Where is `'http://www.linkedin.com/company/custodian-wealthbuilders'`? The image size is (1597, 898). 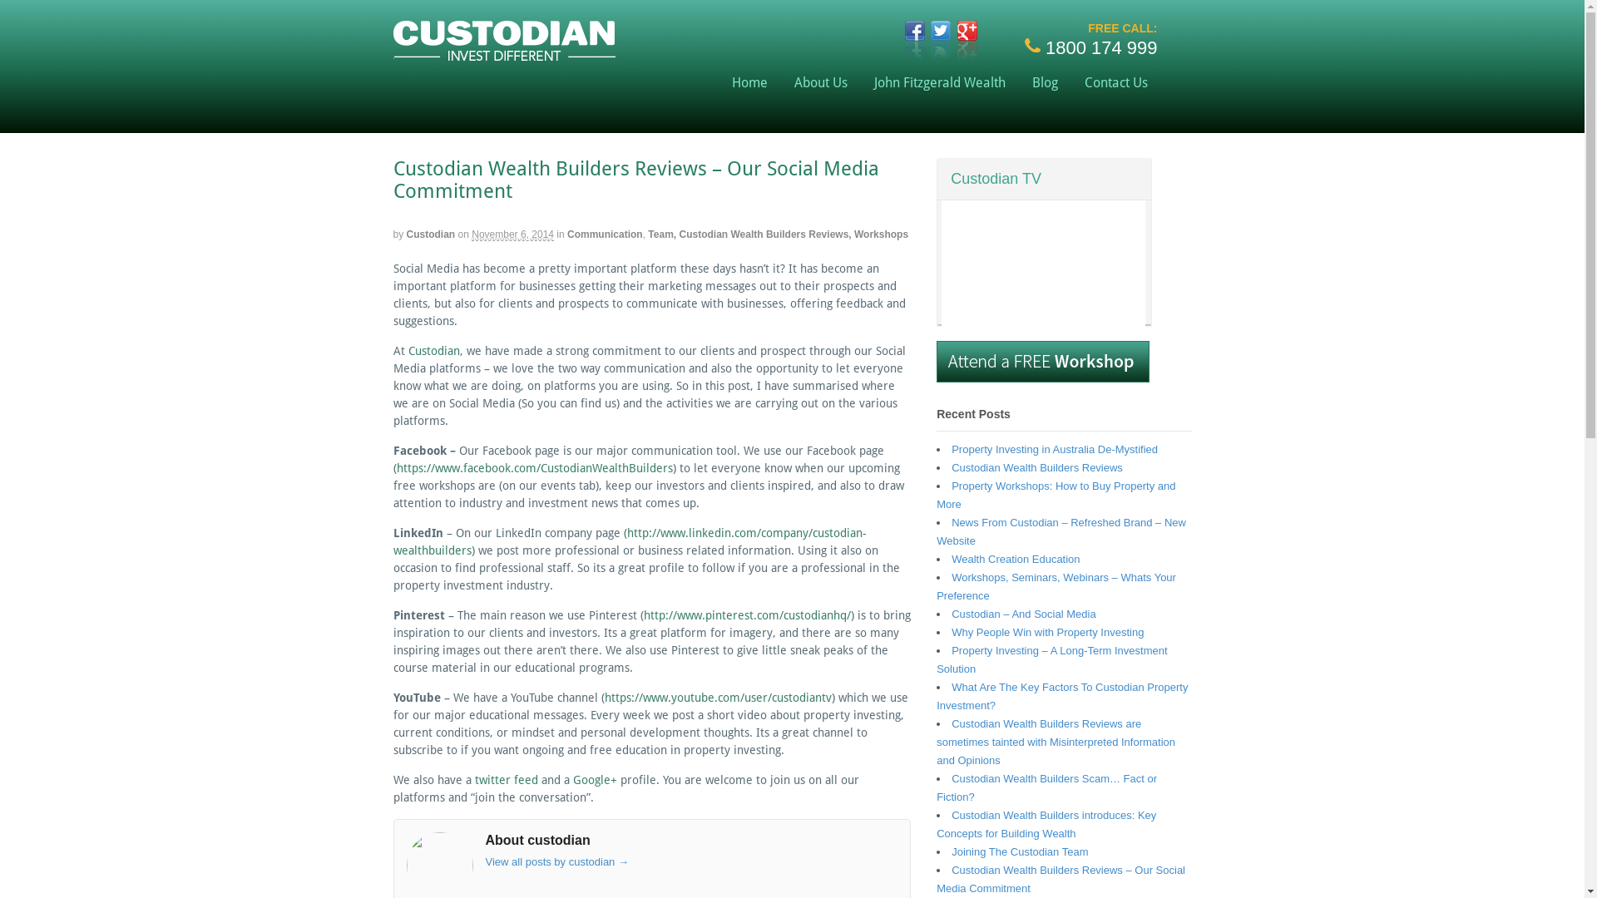 'http://www.linkedin.com/company/custodian-wealthbuilders' is located at coordinates (628, 541).